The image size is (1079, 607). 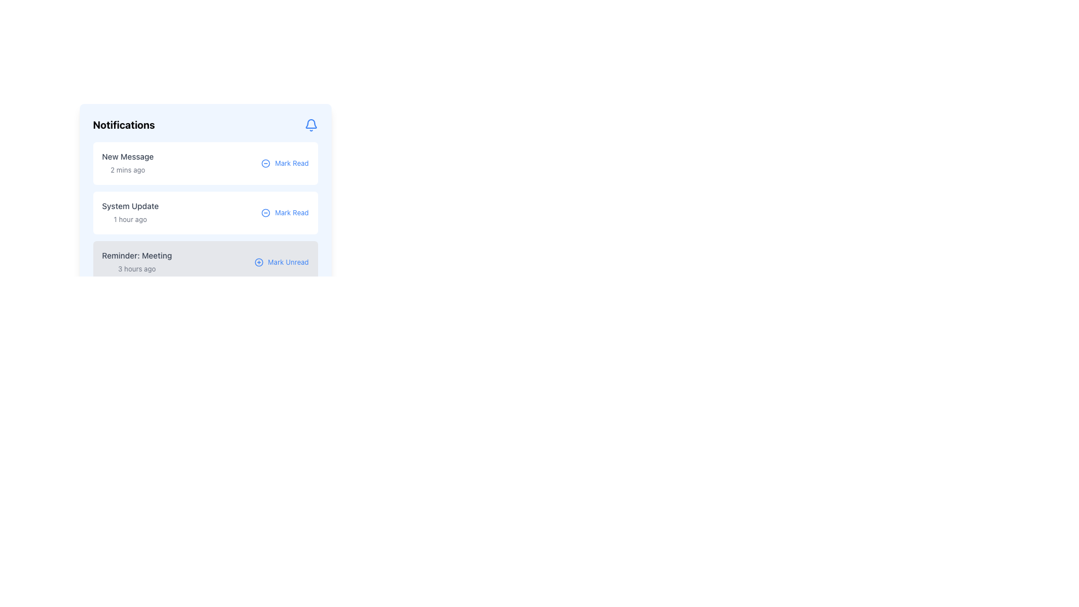 I want to click on the circular button icon with a plus sign, which is located to the immediate left of the 'Mark Unread' text, so click(x=258, y=262).